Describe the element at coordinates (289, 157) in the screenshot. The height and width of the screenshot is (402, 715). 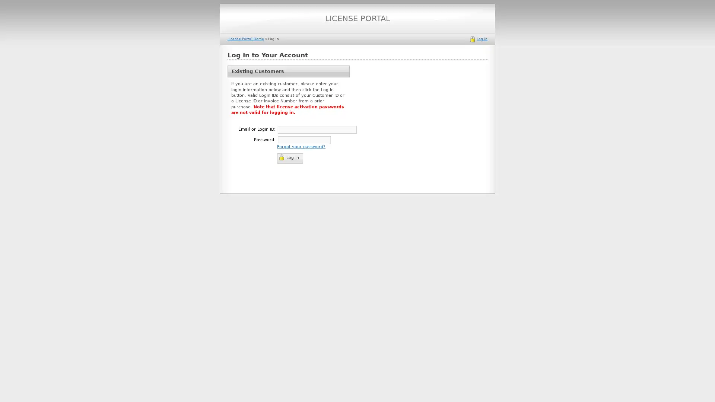
I see `Log In` at that location.